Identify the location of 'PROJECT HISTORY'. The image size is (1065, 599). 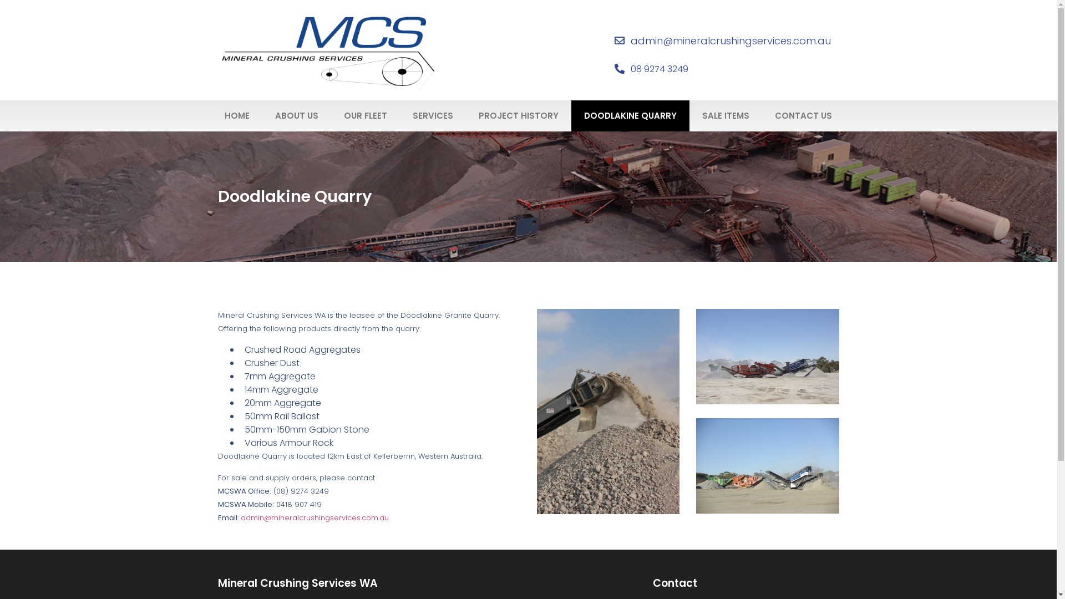
(518, 115).